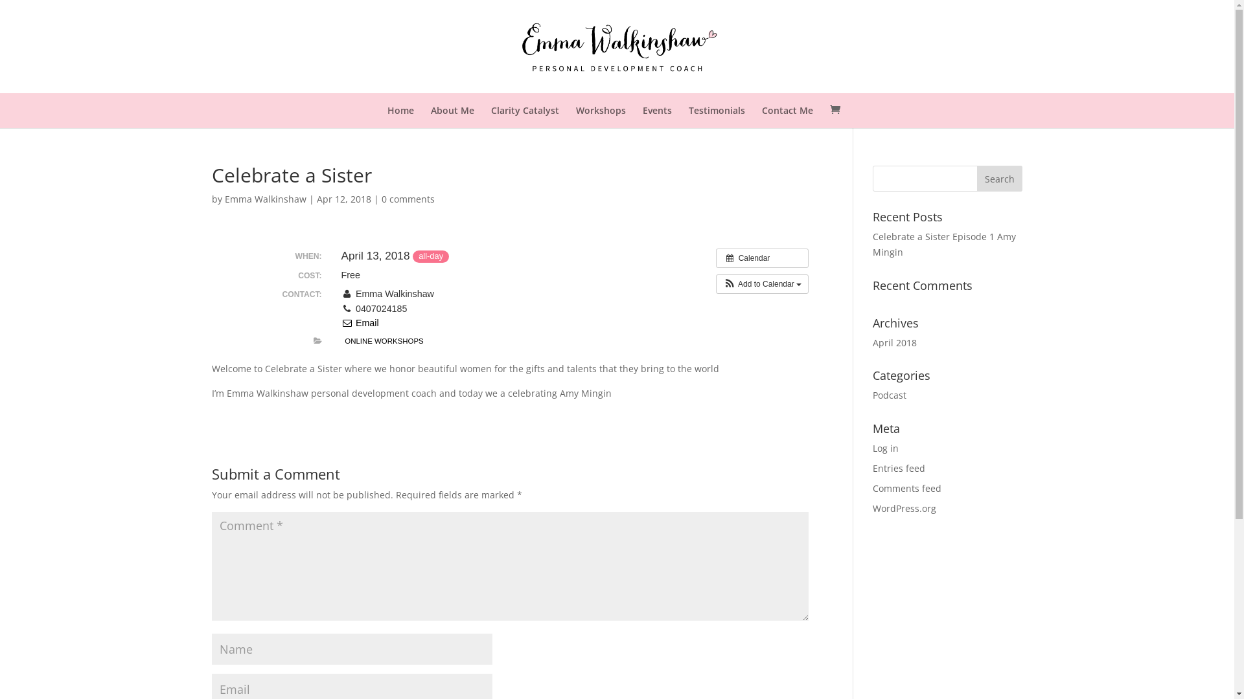  What do you see at coordinates (643, 109) in the screenshot?
I see `'Events'` at bounding box center [643, 109].